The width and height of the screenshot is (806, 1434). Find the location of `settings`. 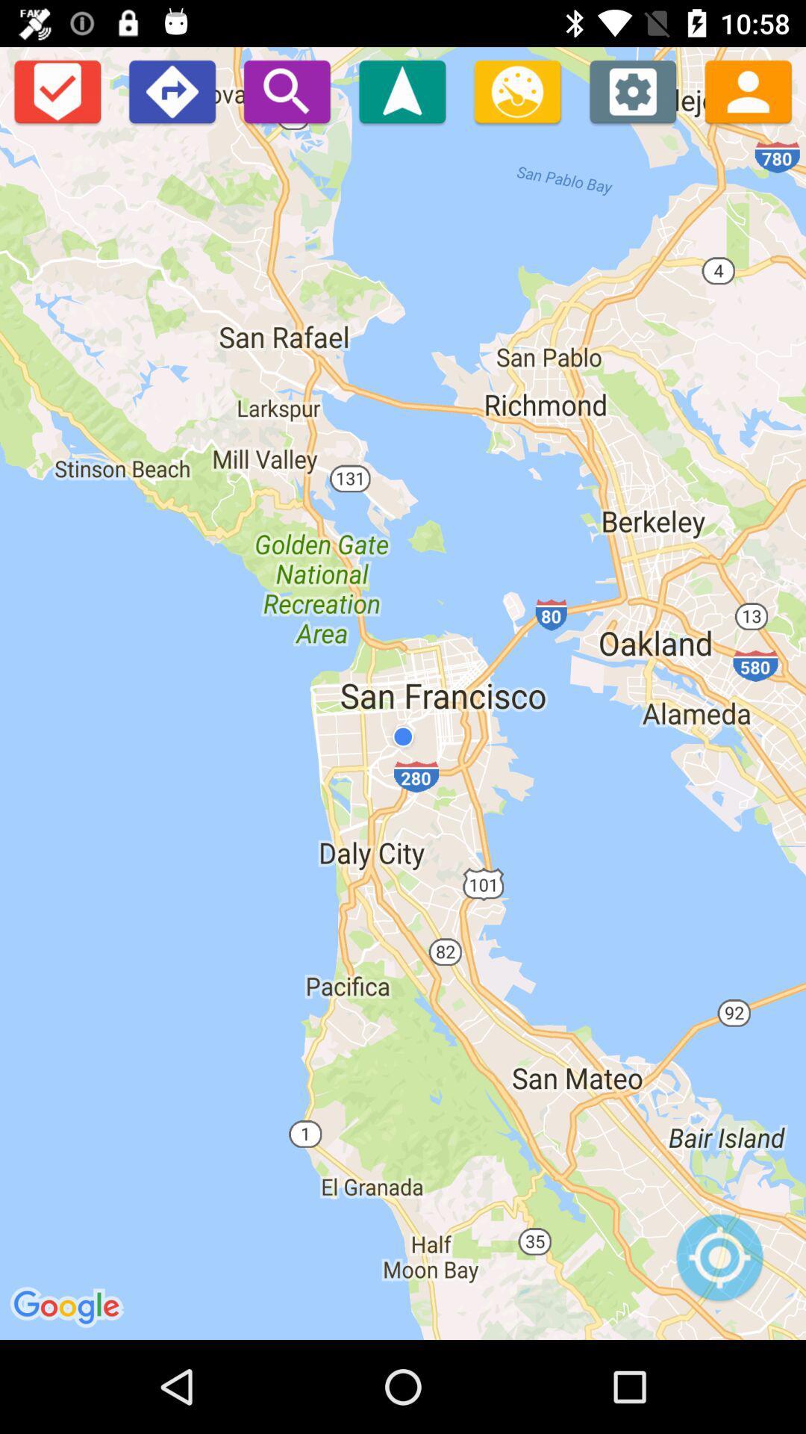

settings is located at coordinates (633, 90).